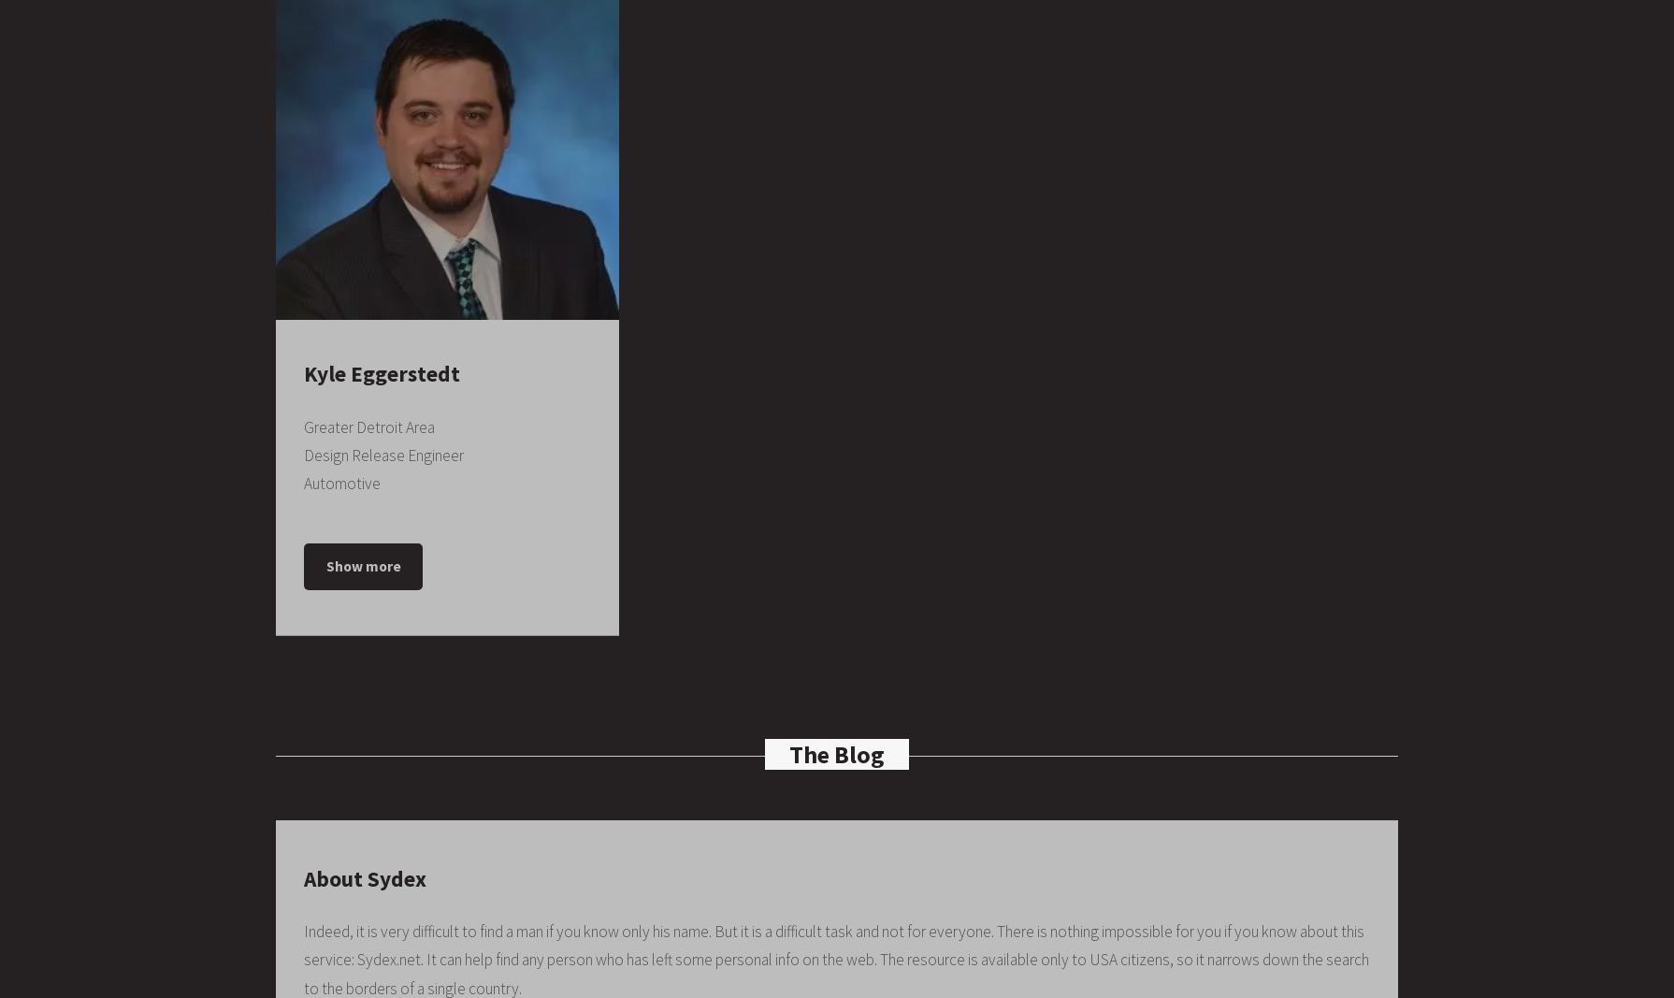  Describe the element at coordinates (438, 812) in the screenshot. I see `'June 2001 – June 2004'` at that location.